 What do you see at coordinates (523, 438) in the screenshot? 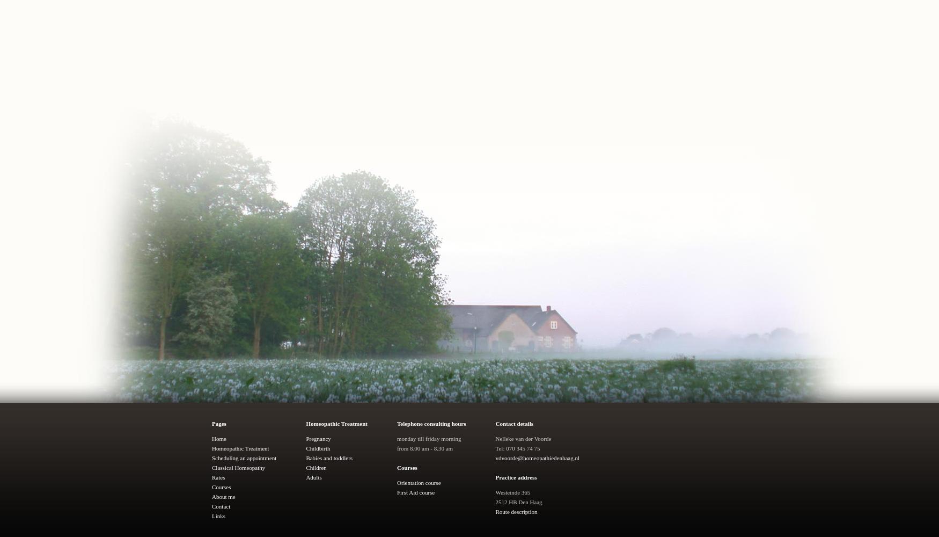
I see `'Nelleke van der Voorde'` at bounding box center [523, 438].